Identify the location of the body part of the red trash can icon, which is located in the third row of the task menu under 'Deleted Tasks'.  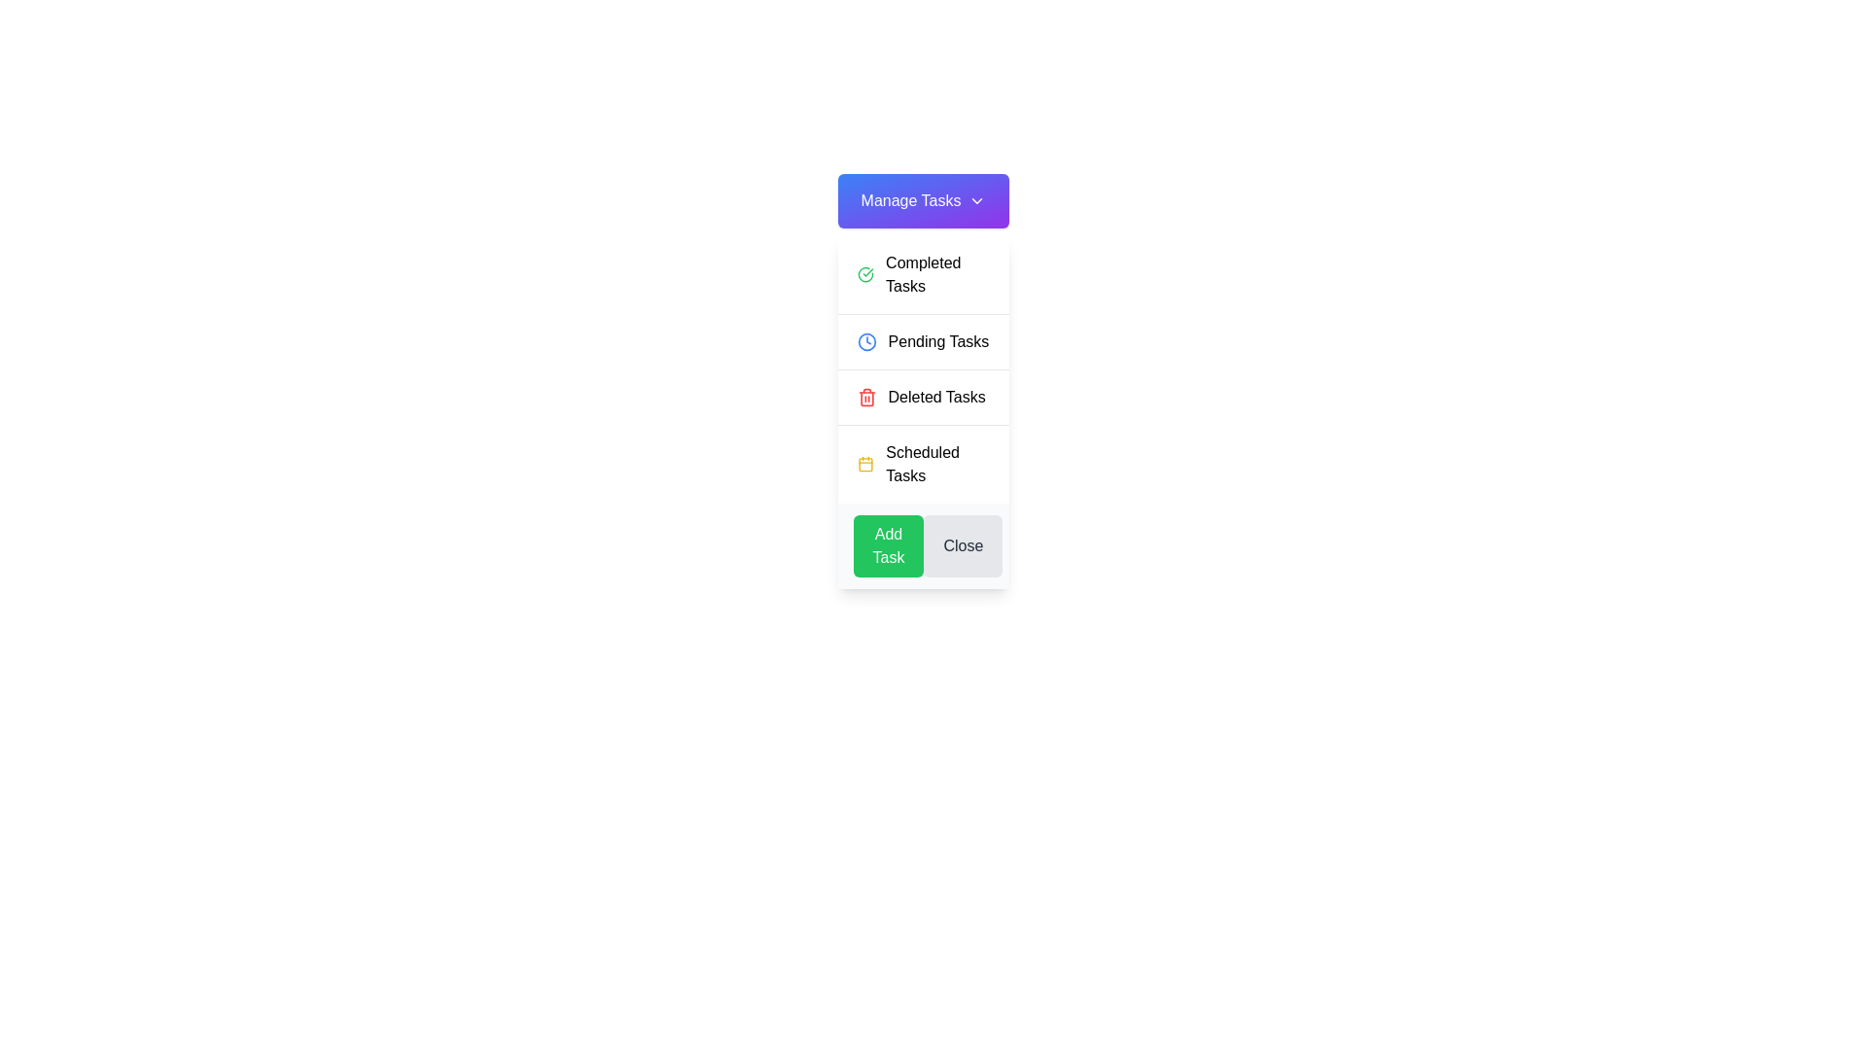
(865, 398).